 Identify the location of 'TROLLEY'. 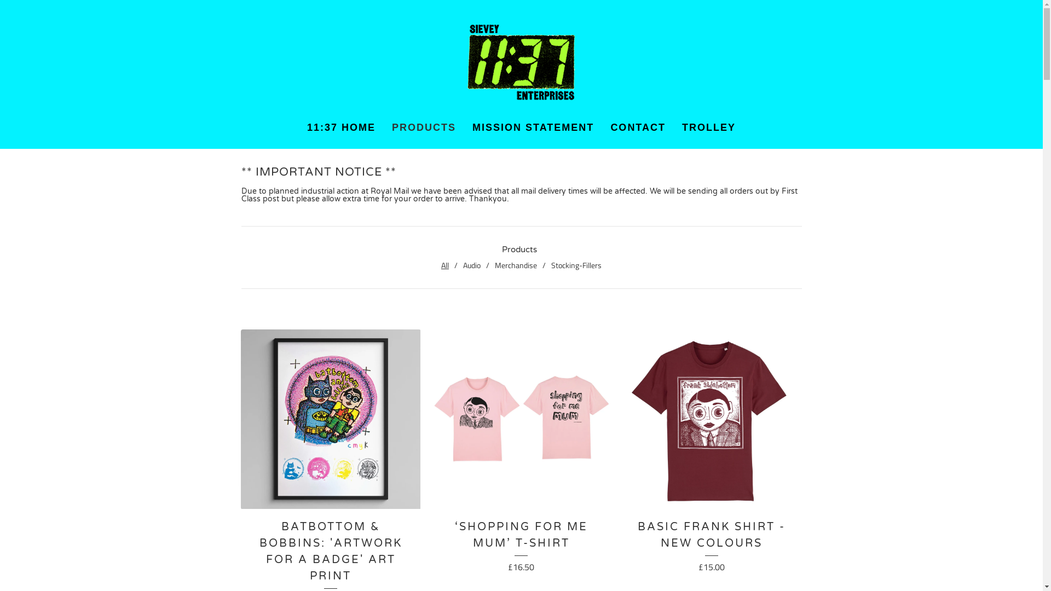
(673, 126).